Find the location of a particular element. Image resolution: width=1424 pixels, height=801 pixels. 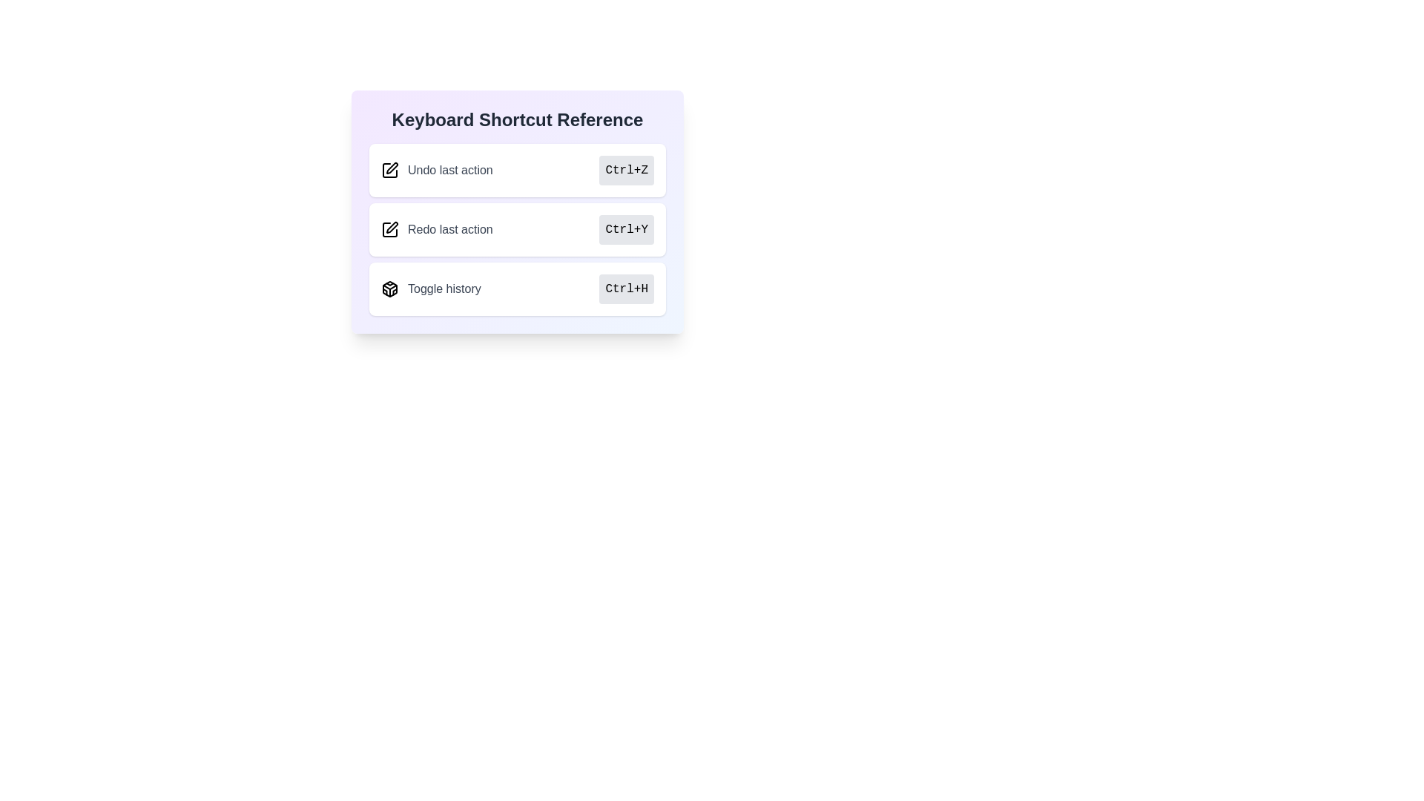

the 'Undo last action' button located under the 'Keyboard Shortcut Reference' title is located at coordinates (517, 170).